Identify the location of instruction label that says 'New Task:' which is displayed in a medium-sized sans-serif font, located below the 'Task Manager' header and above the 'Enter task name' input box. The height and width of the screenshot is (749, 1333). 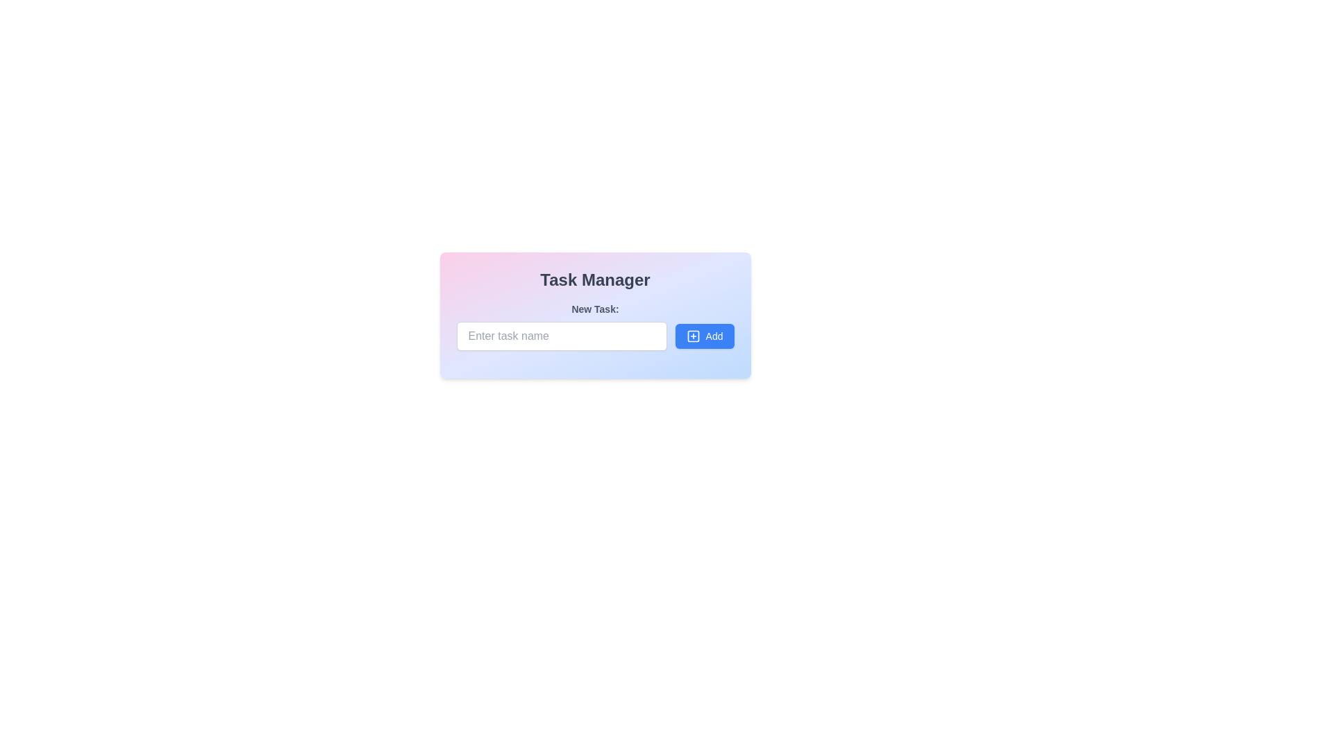
(595, 316).